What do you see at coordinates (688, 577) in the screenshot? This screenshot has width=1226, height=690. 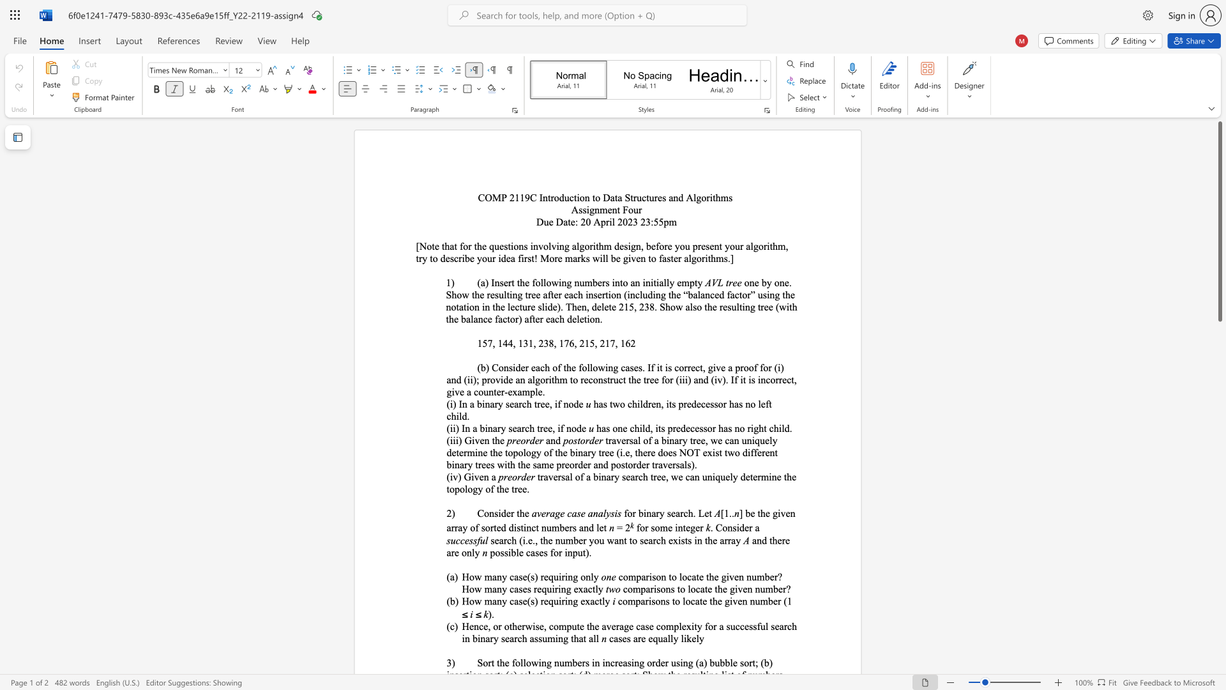 I see `the 2th character "c" in the text` at bounding box center [688, 577].